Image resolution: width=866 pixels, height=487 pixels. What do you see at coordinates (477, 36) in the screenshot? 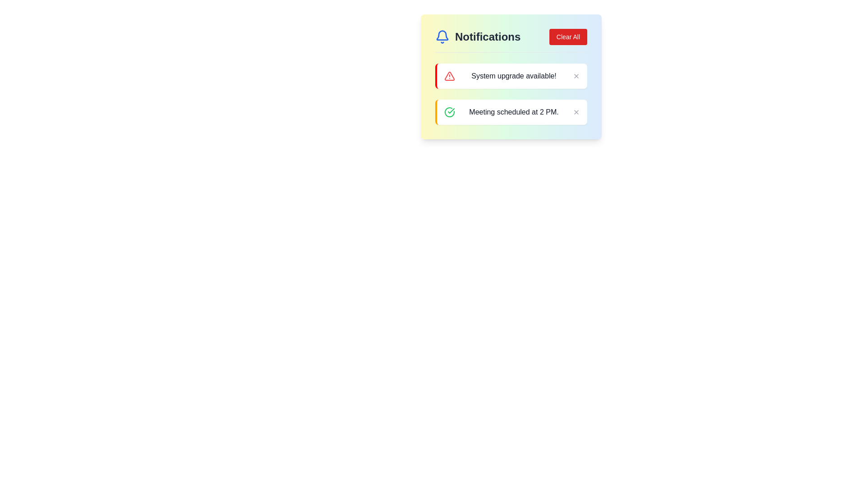
I see `the header element with an icon and text located at the top-left of the notifications panel` at bounding box center [477, 36].